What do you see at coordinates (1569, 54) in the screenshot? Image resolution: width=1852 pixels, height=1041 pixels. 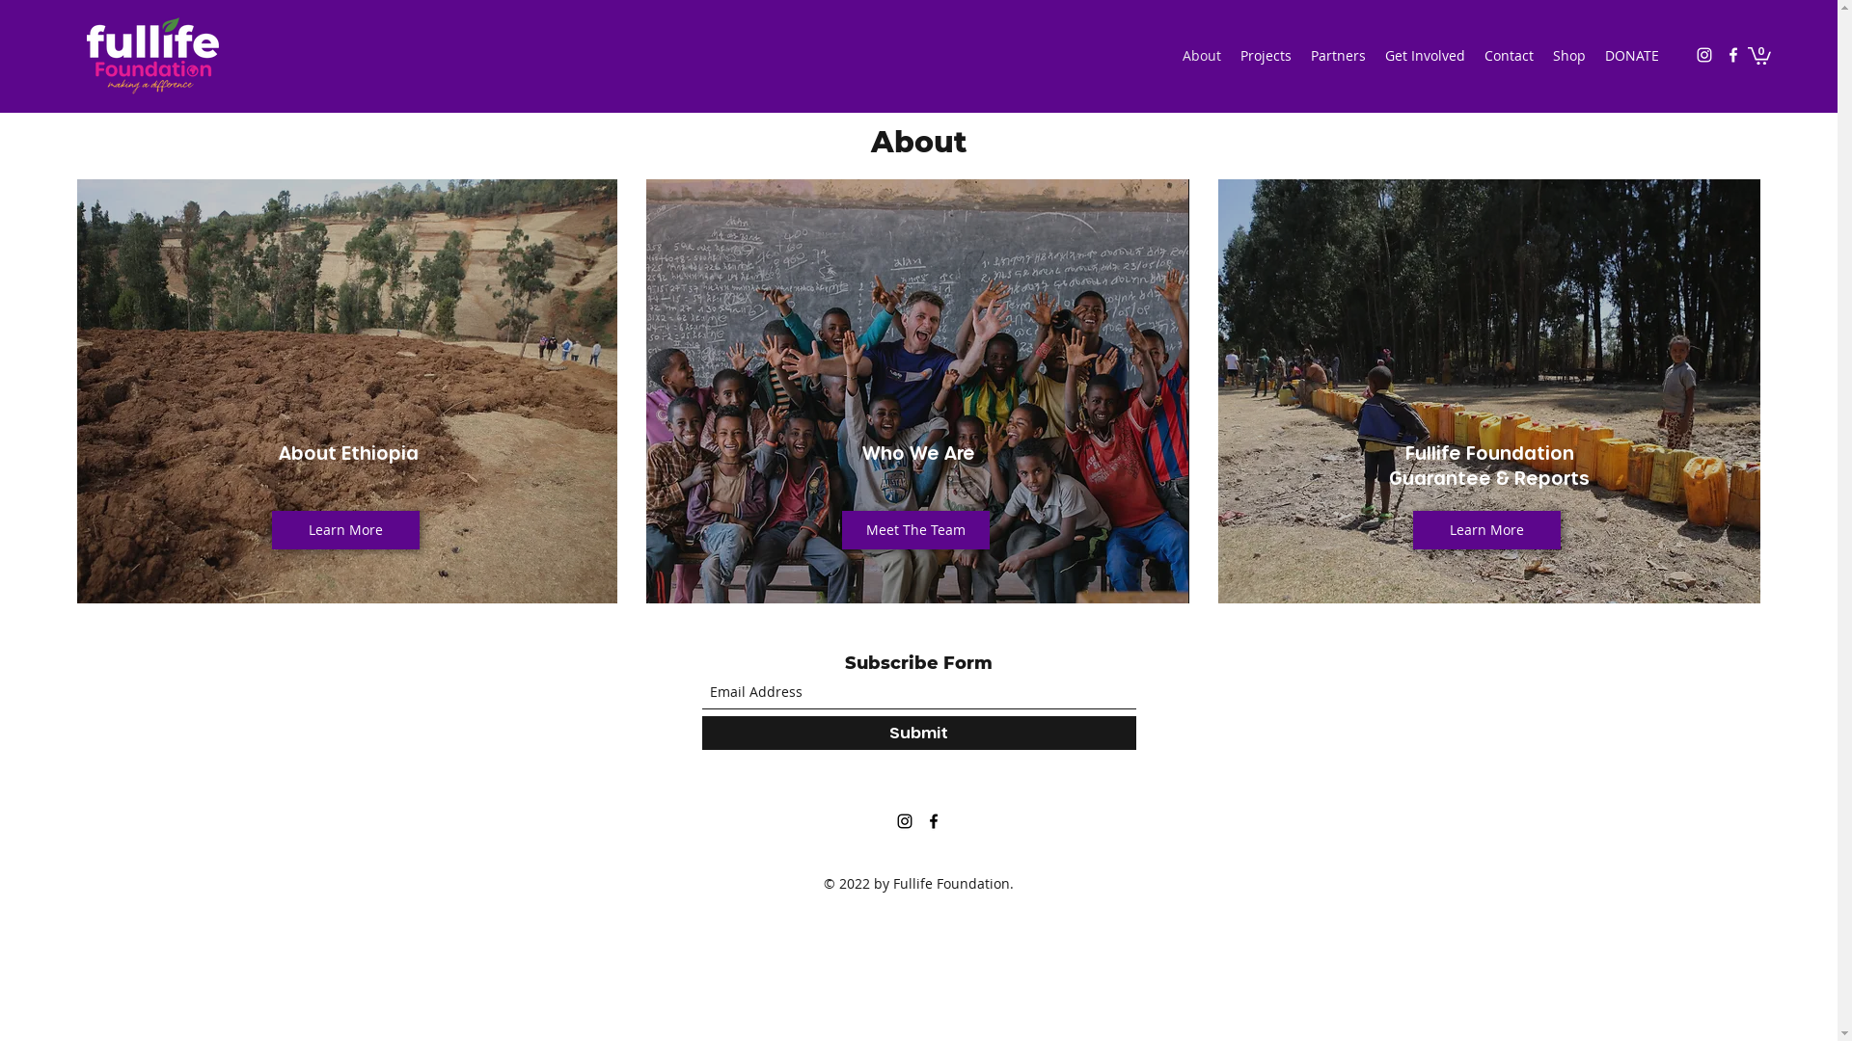 I see `'Shop'` at bounding box center [1569, 54].